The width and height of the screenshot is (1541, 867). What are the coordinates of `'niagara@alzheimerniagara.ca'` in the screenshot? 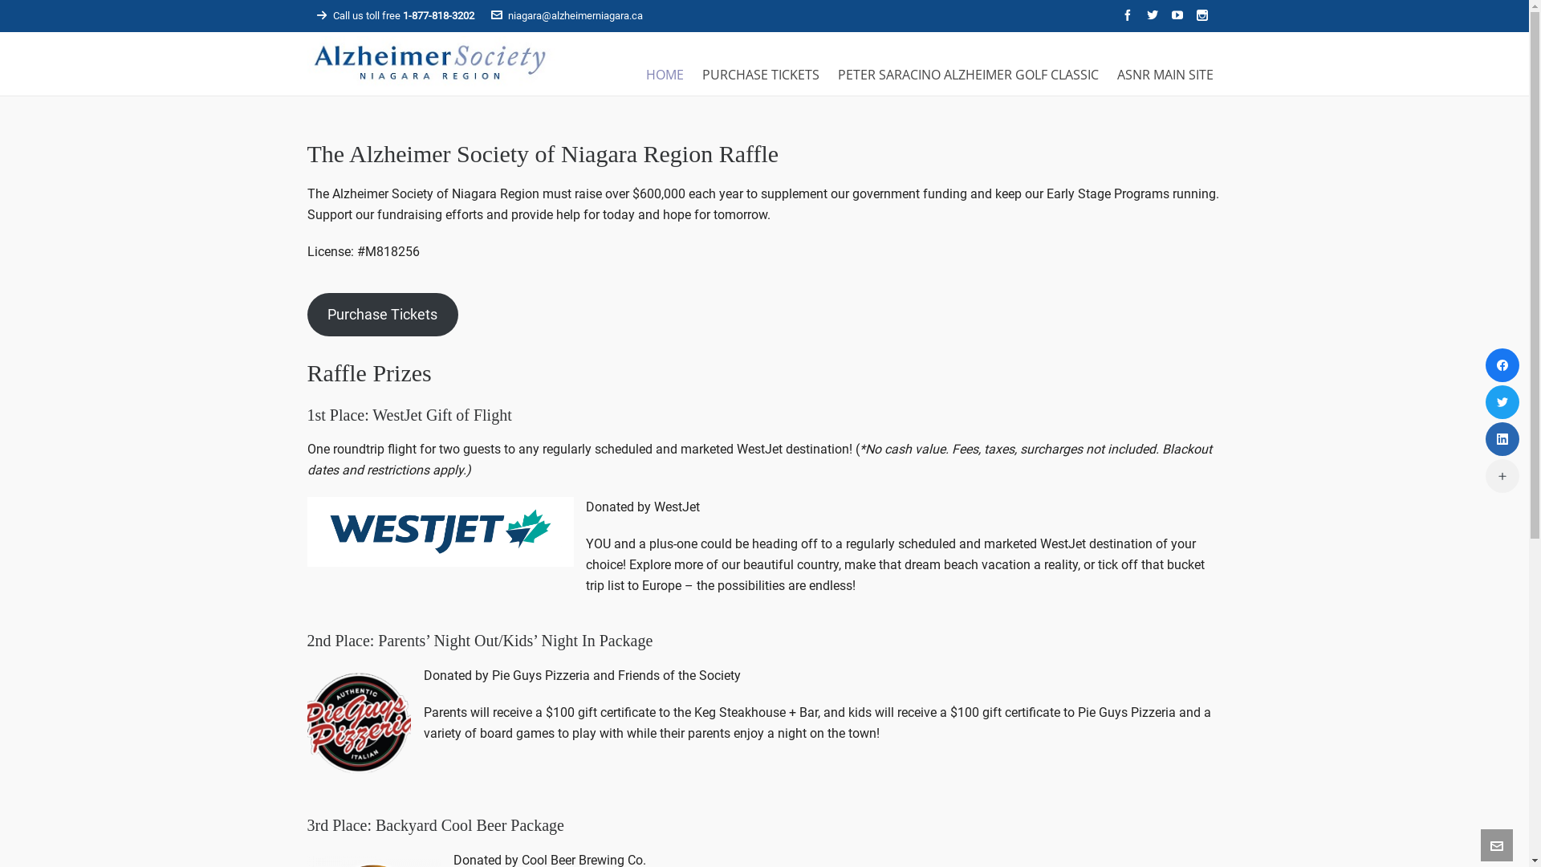 It's located at (567, 15).